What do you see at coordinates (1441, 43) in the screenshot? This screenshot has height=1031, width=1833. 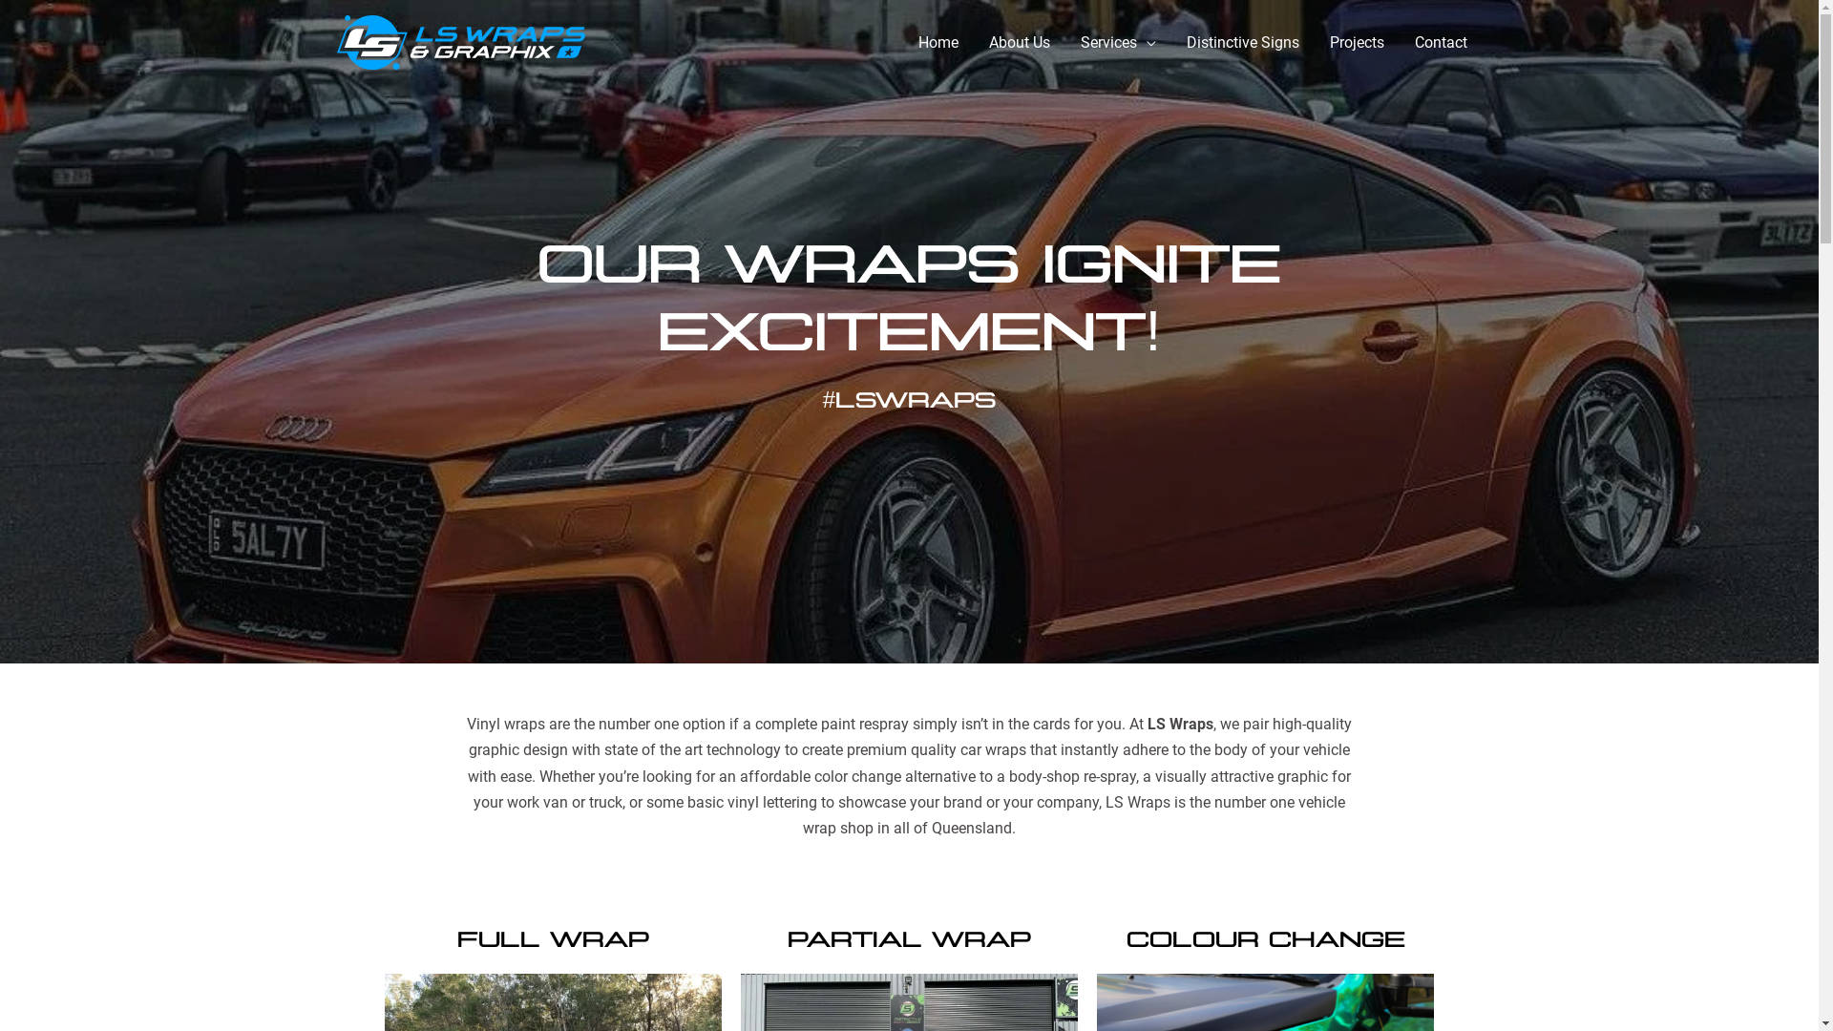 I see `'Contact'` at bounding box center [1441, 43].